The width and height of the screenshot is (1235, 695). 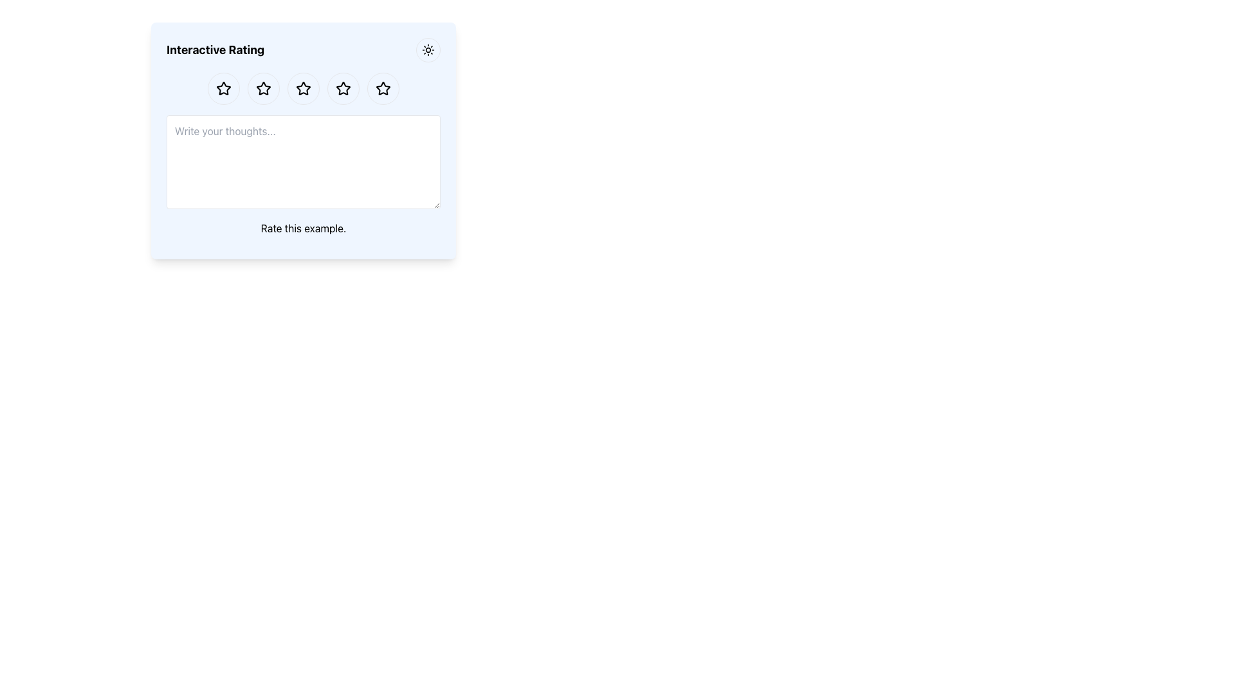 I want to click on the third button in the row of five buttons for the 'Interactive Rating' system, so click(x=302, y=88).